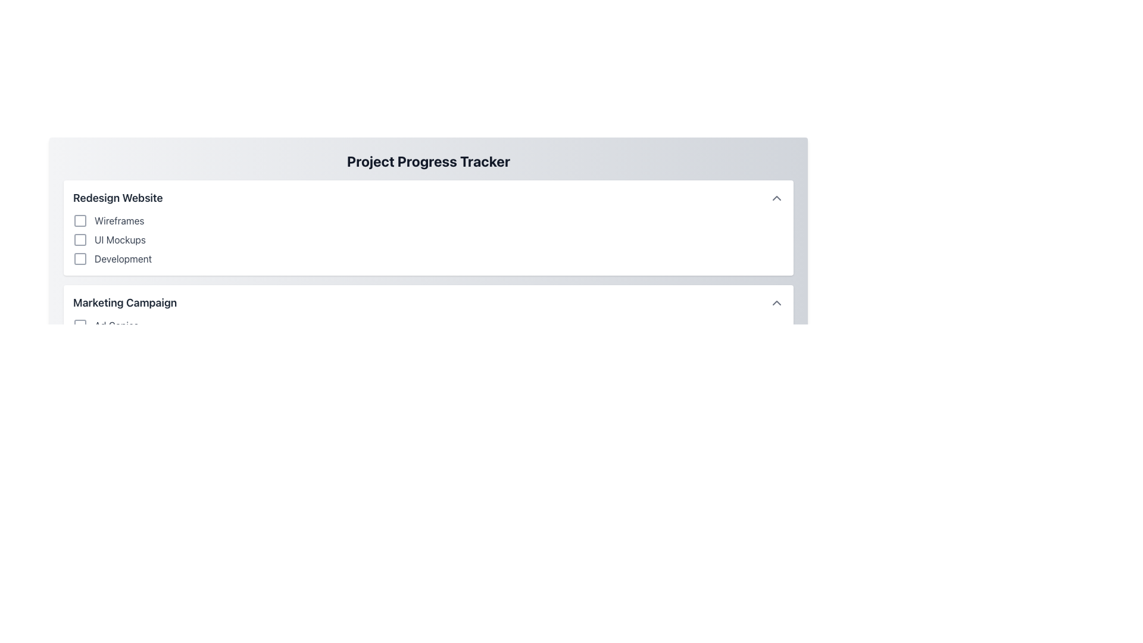  I want to click on the interactive checkbox associated with the 'Wireframes' item in the 'Redesign Website' section, so click(79, 220).